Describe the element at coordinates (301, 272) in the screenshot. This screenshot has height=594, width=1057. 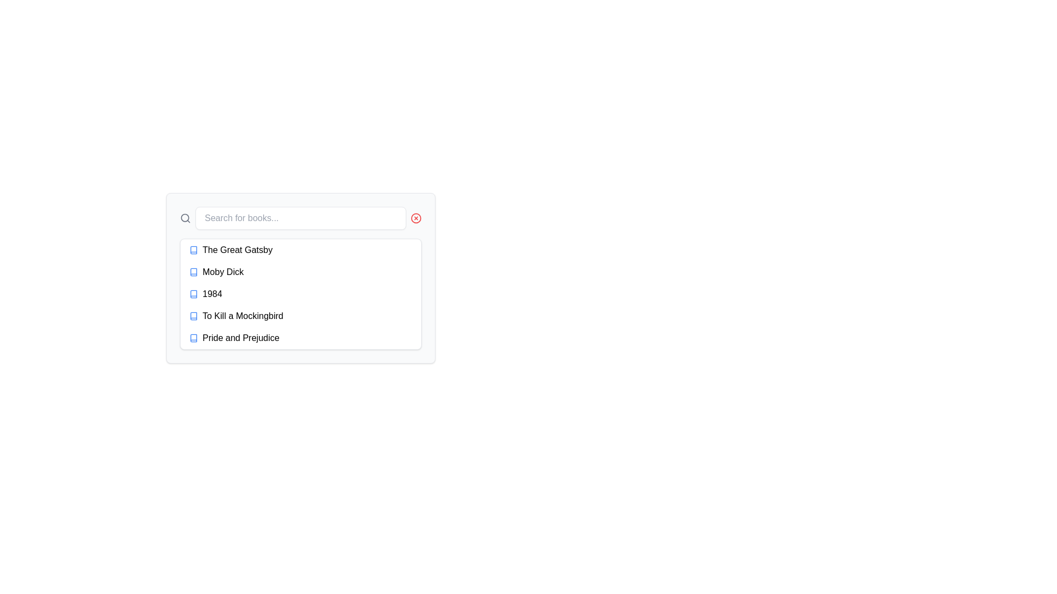
I see `the selectable list item for 'Moby Dick', which is the second entry in the dropdown list` at that location.